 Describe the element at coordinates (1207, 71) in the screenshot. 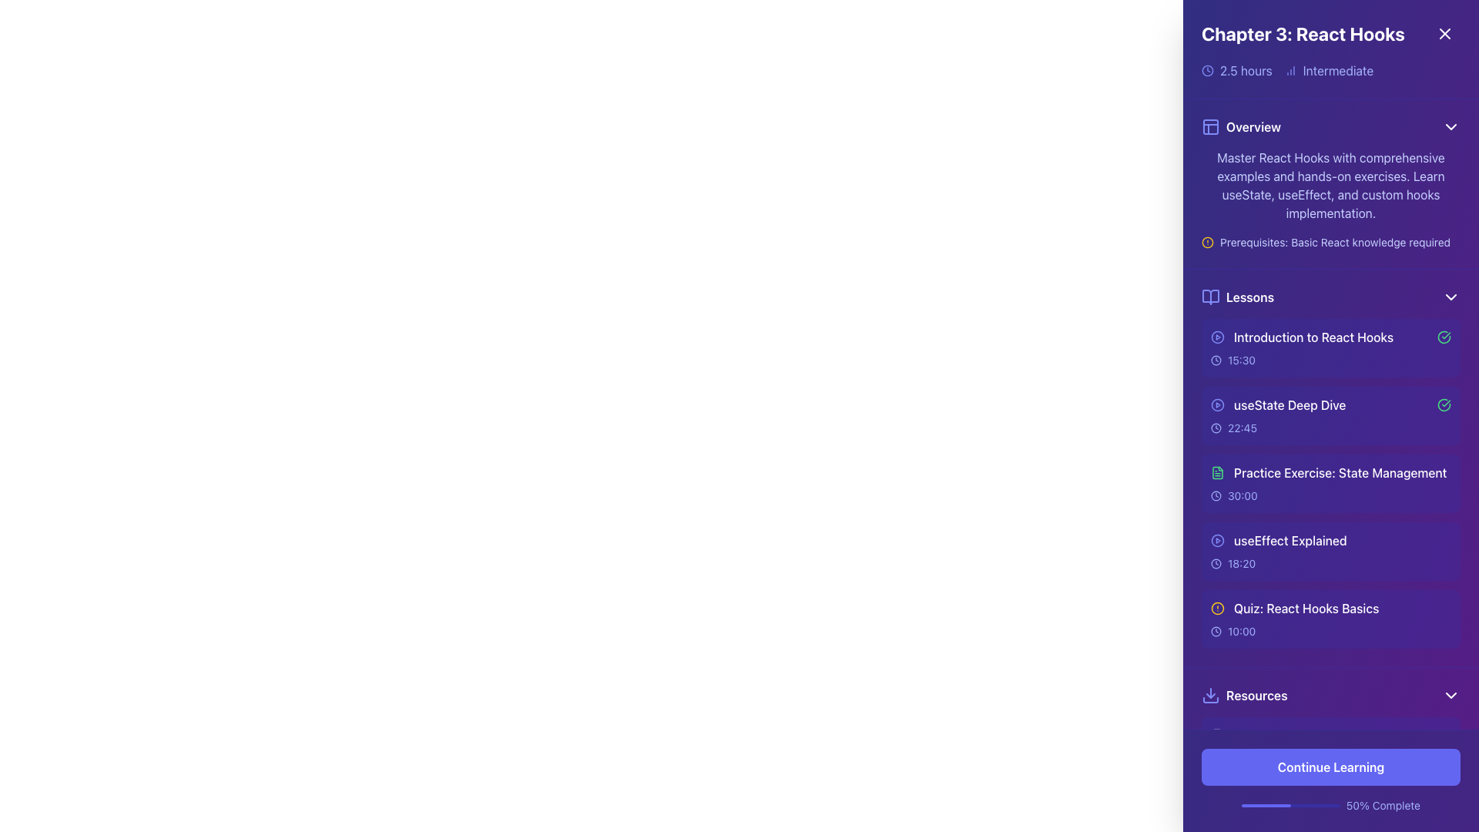

I see `the clock icon that visually indicates the time, located to the left of the text '2.5 hours'` at that location.